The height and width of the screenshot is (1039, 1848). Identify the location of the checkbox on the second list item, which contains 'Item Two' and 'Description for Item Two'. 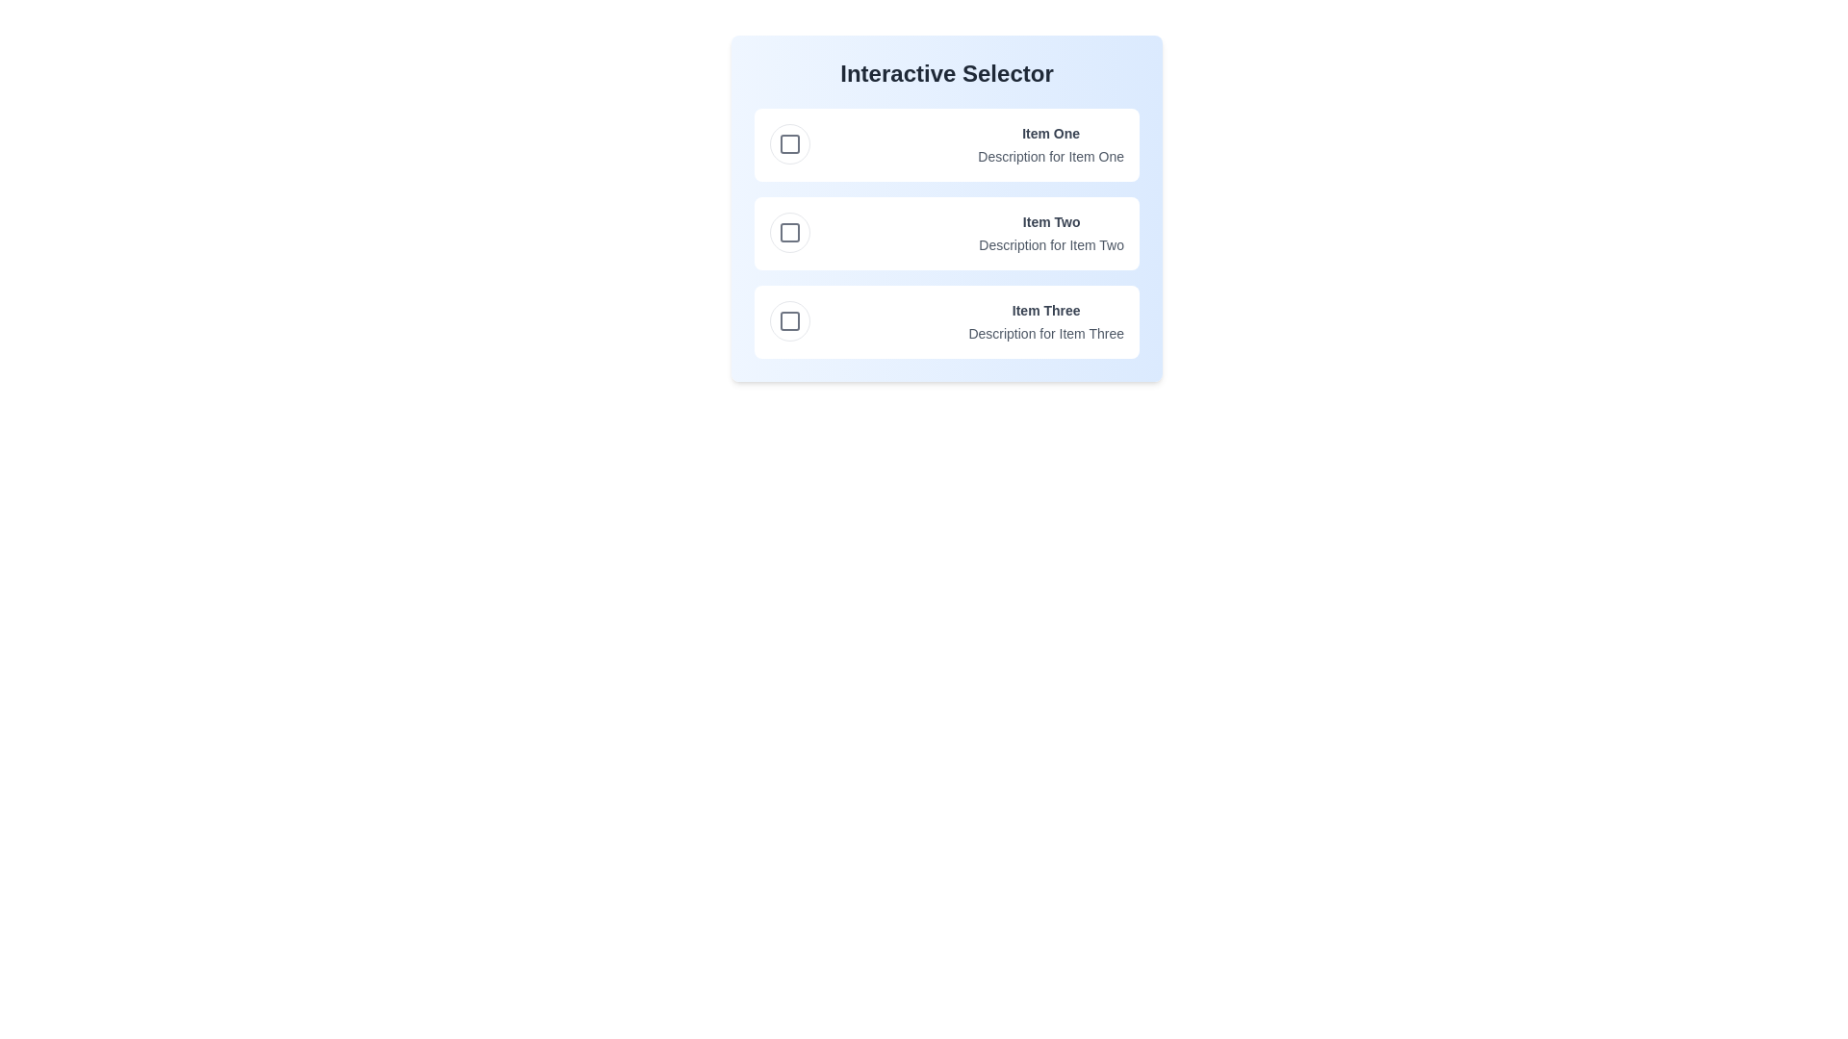
(946, 233).